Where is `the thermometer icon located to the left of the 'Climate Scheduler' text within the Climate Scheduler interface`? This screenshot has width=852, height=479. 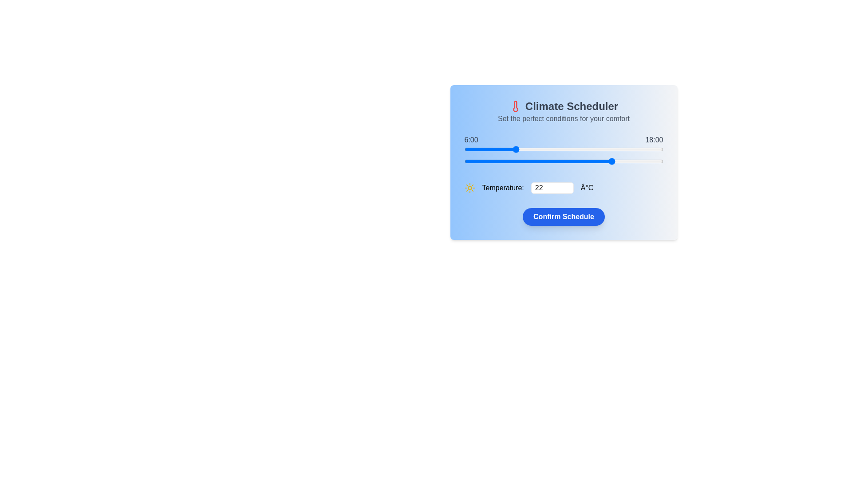 the thermometer icon located to the left of the 'Climate Scheduler' text within the Climate Scheduler interface is located at coordinates (515, 106).